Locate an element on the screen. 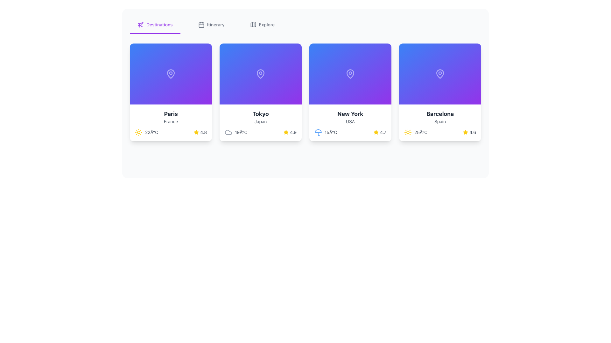  the text label displaying the rating '4.6', which is positioned in the card for 'Barcelona, Spain' near a yellow star icon is located at coordinates (473, 132).